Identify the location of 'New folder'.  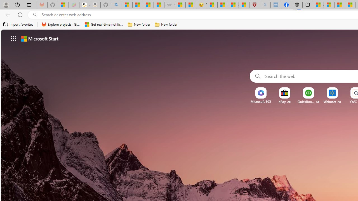
(166, 24).